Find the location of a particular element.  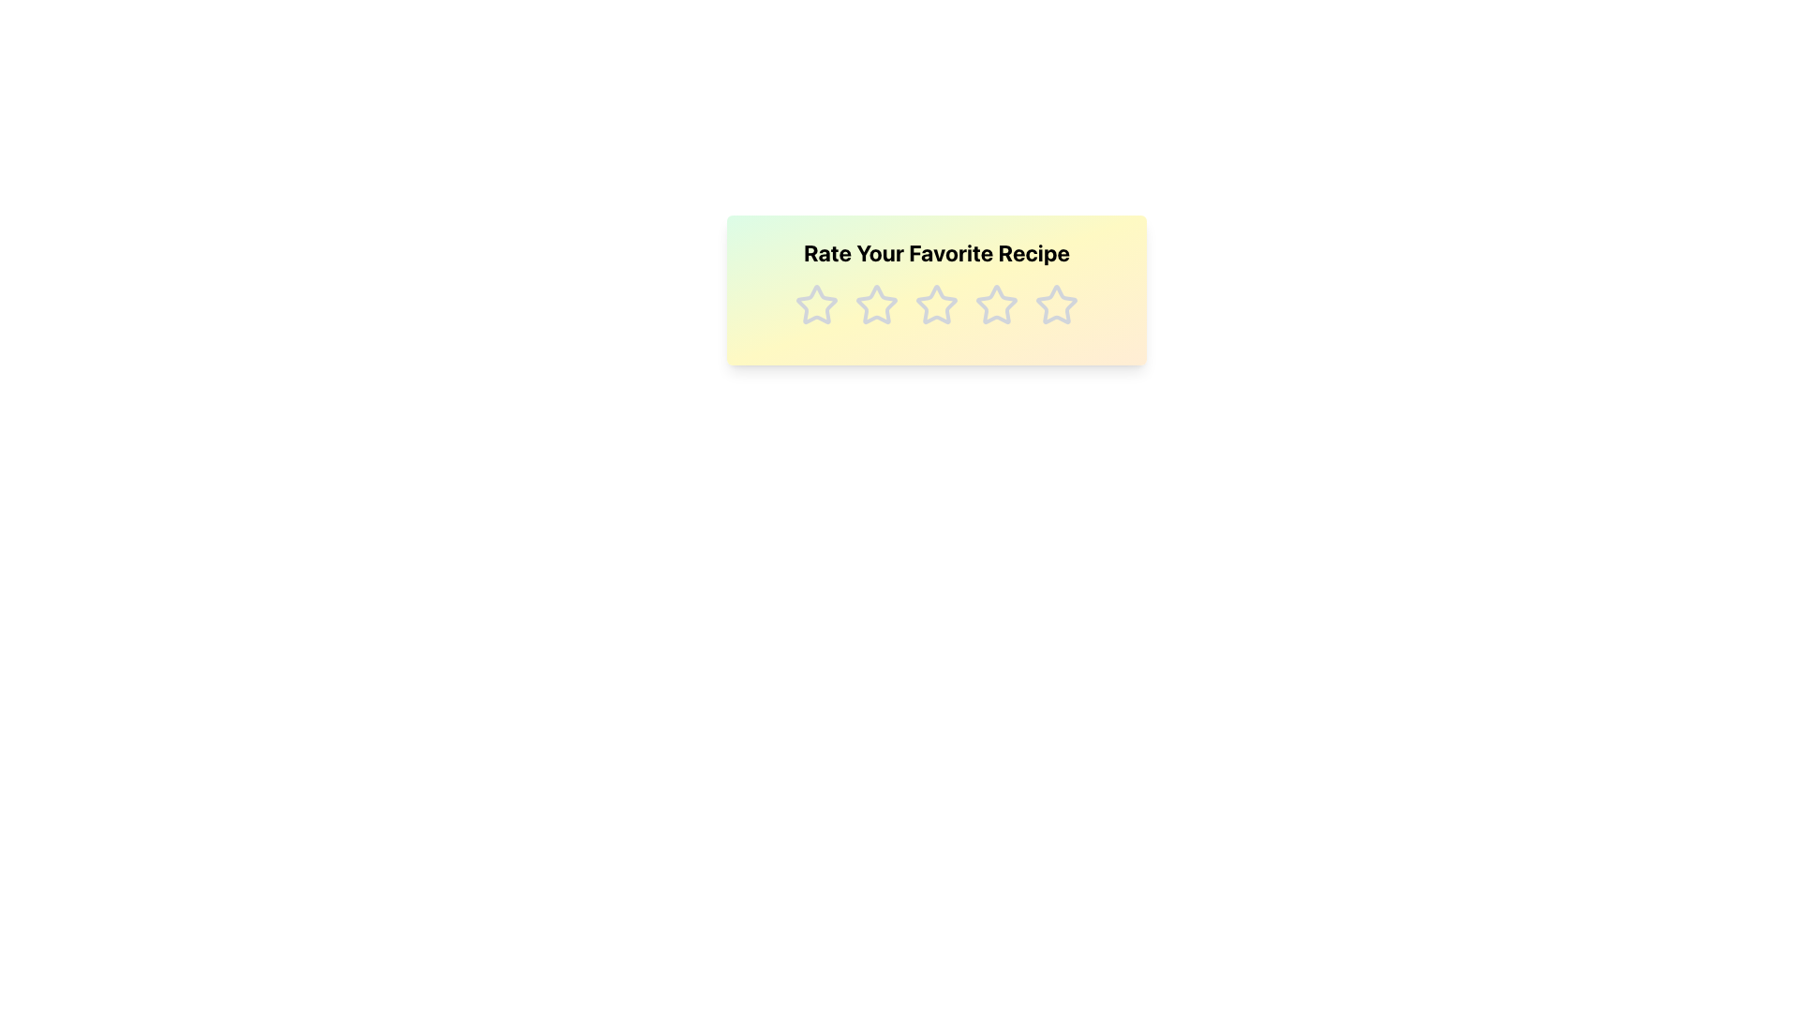

the Rating Widget titled 'Rate Your Favorite Recipe' to confirm a rating selection is located at coordinates (936, 290).